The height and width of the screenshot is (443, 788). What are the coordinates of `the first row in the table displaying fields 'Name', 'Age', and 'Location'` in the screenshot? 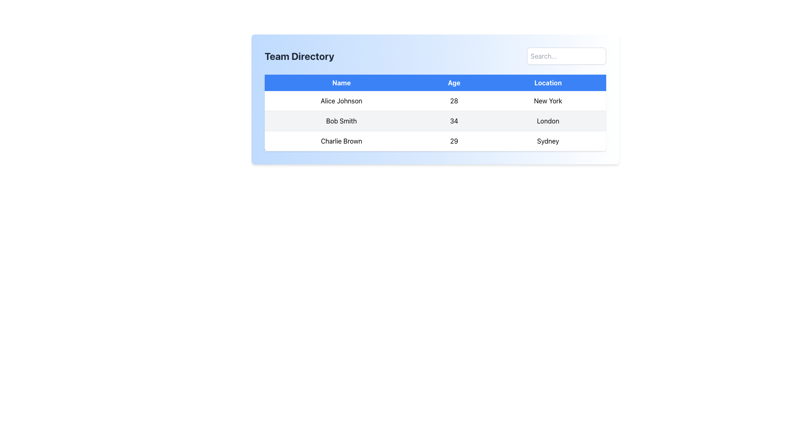 It's located at (435, 100).